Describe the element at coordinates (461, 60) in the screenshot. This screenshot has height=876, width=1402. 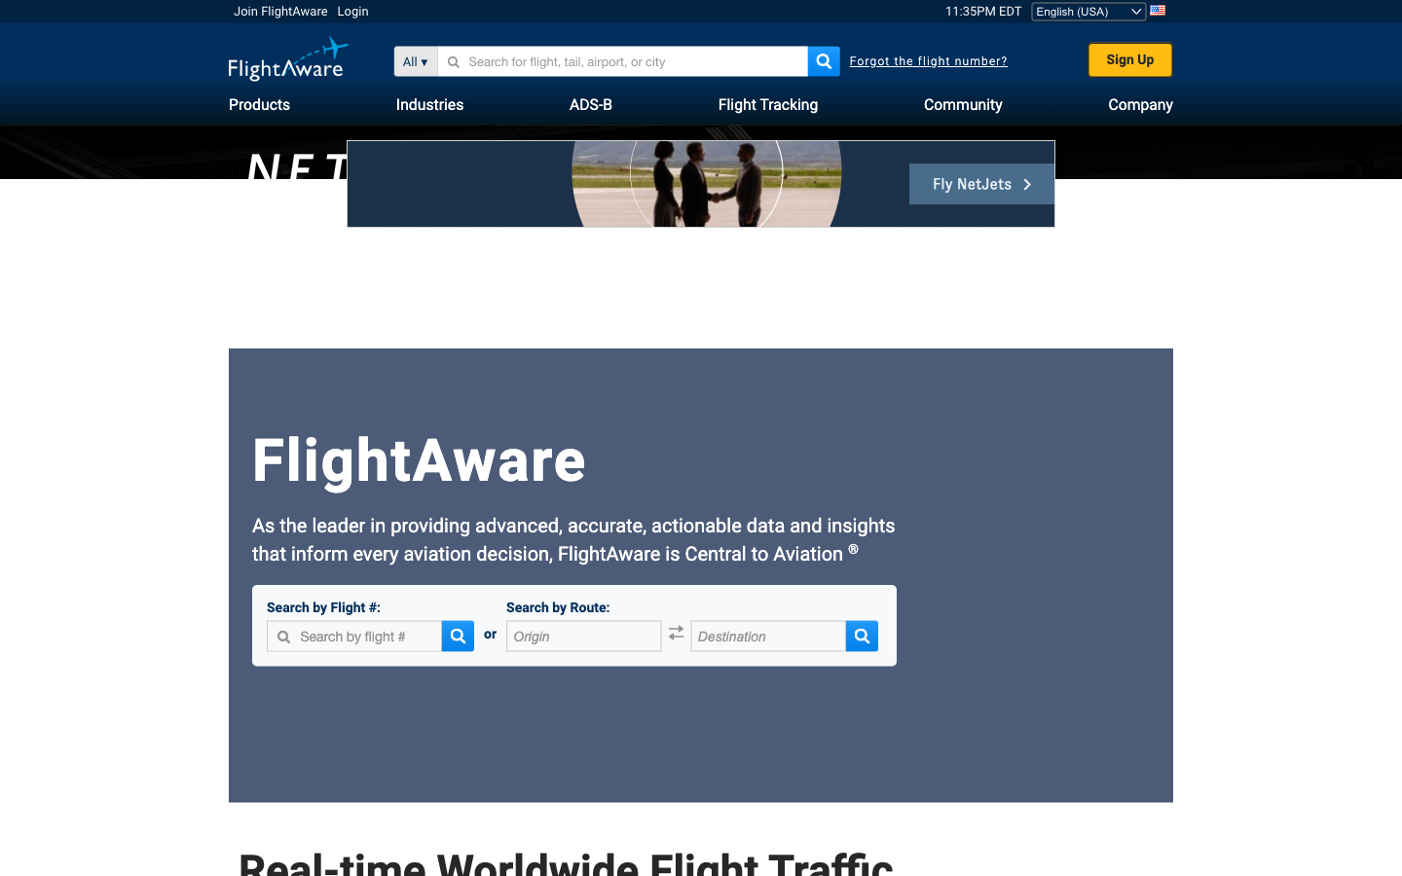
I see `Locate Private Plane by its unique tail number: 1234` at that location.